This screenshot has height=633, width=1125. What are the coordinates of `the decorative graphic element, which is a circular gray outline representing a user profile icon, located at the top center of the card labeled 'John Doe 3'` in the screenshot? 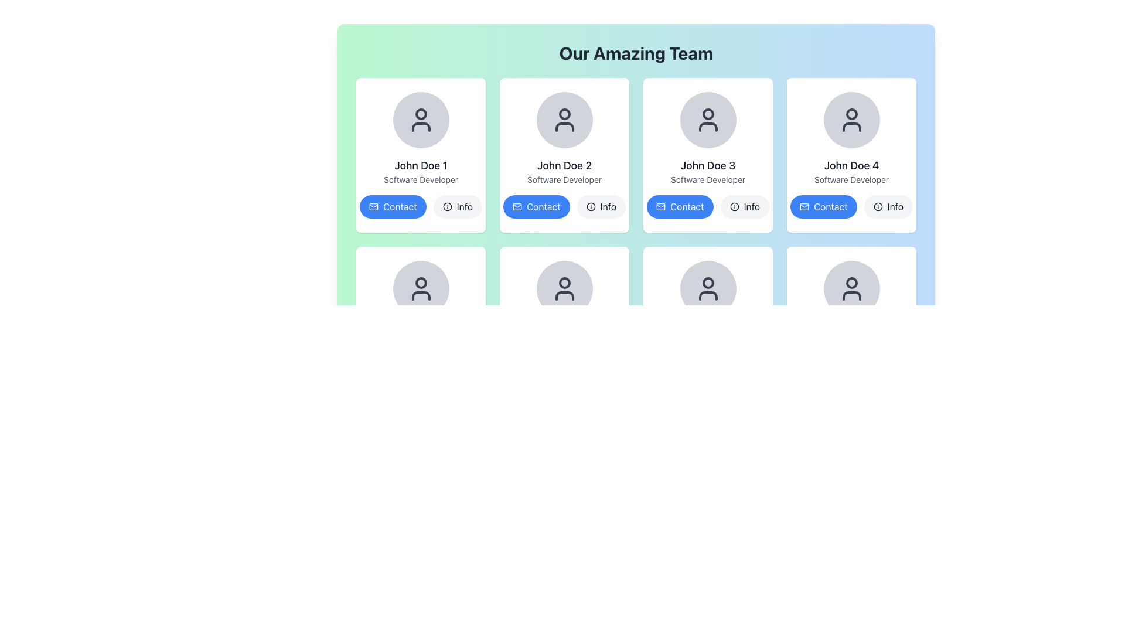 It's located at (707, 114).